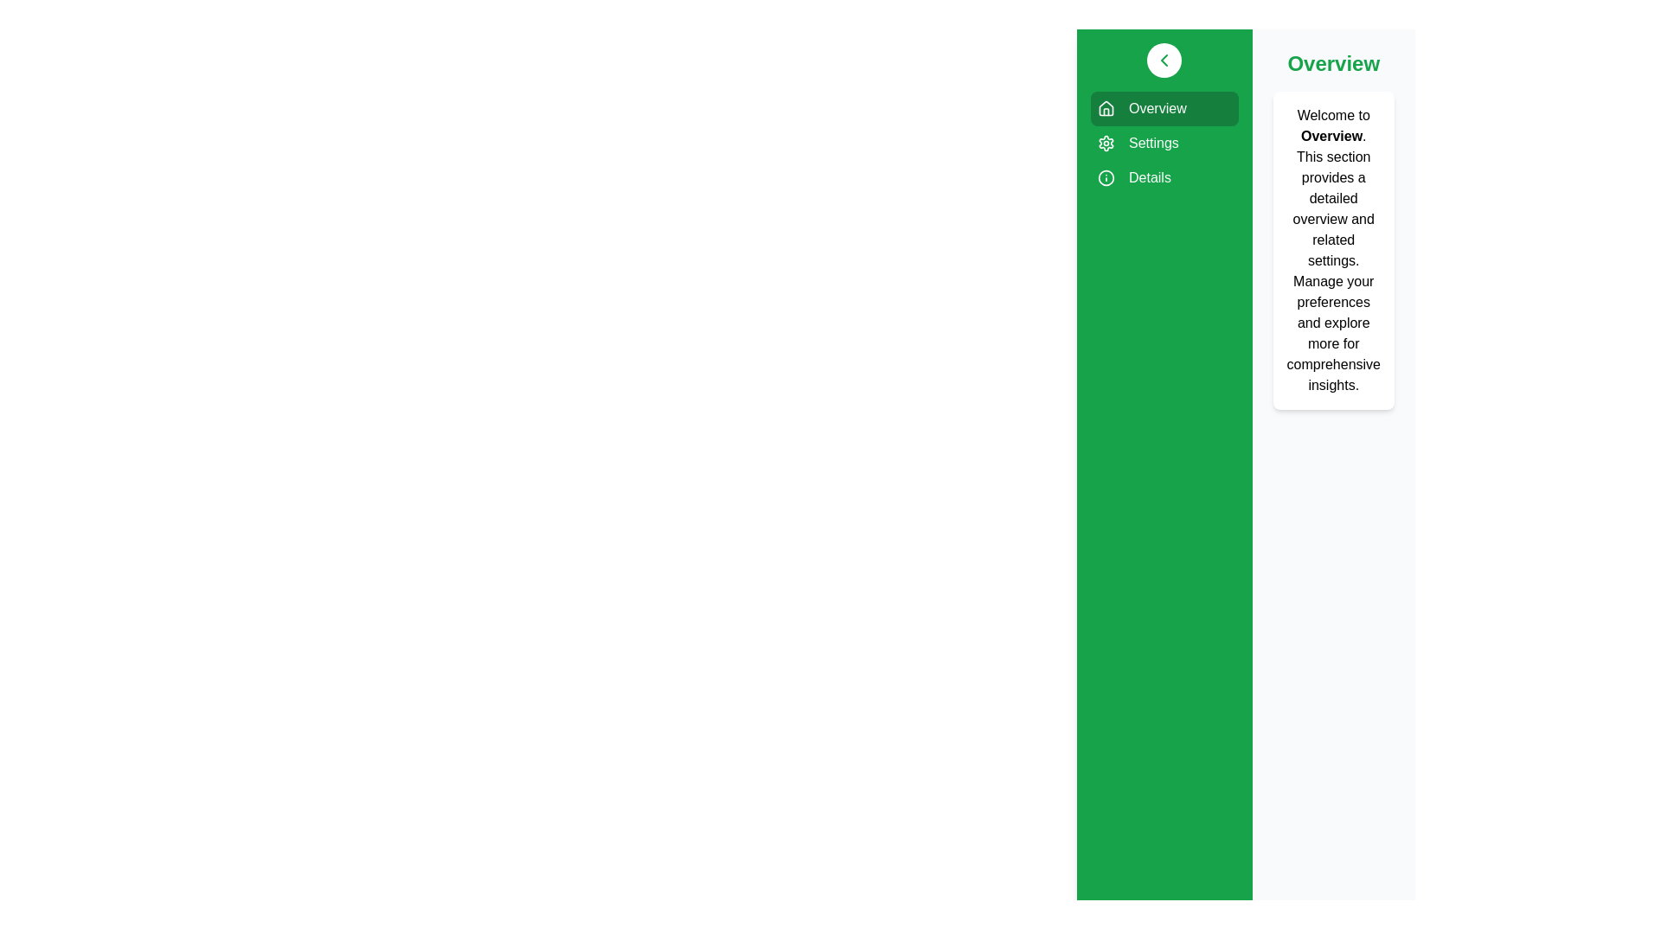 This screenshot has height=934, width=1661. I want to click on Chevron button to toggle the drawer, so click(1164, 59).